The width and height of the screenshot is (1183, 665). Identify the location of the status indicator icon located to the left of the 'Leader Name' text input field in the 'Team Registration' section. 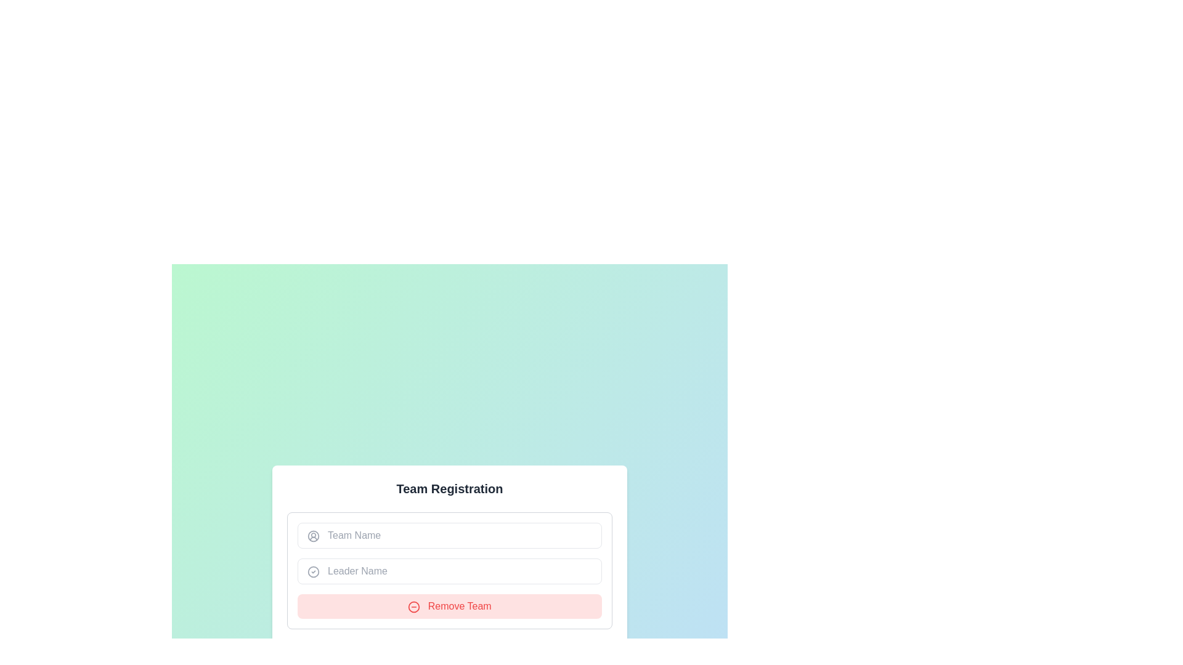
(313, 572).